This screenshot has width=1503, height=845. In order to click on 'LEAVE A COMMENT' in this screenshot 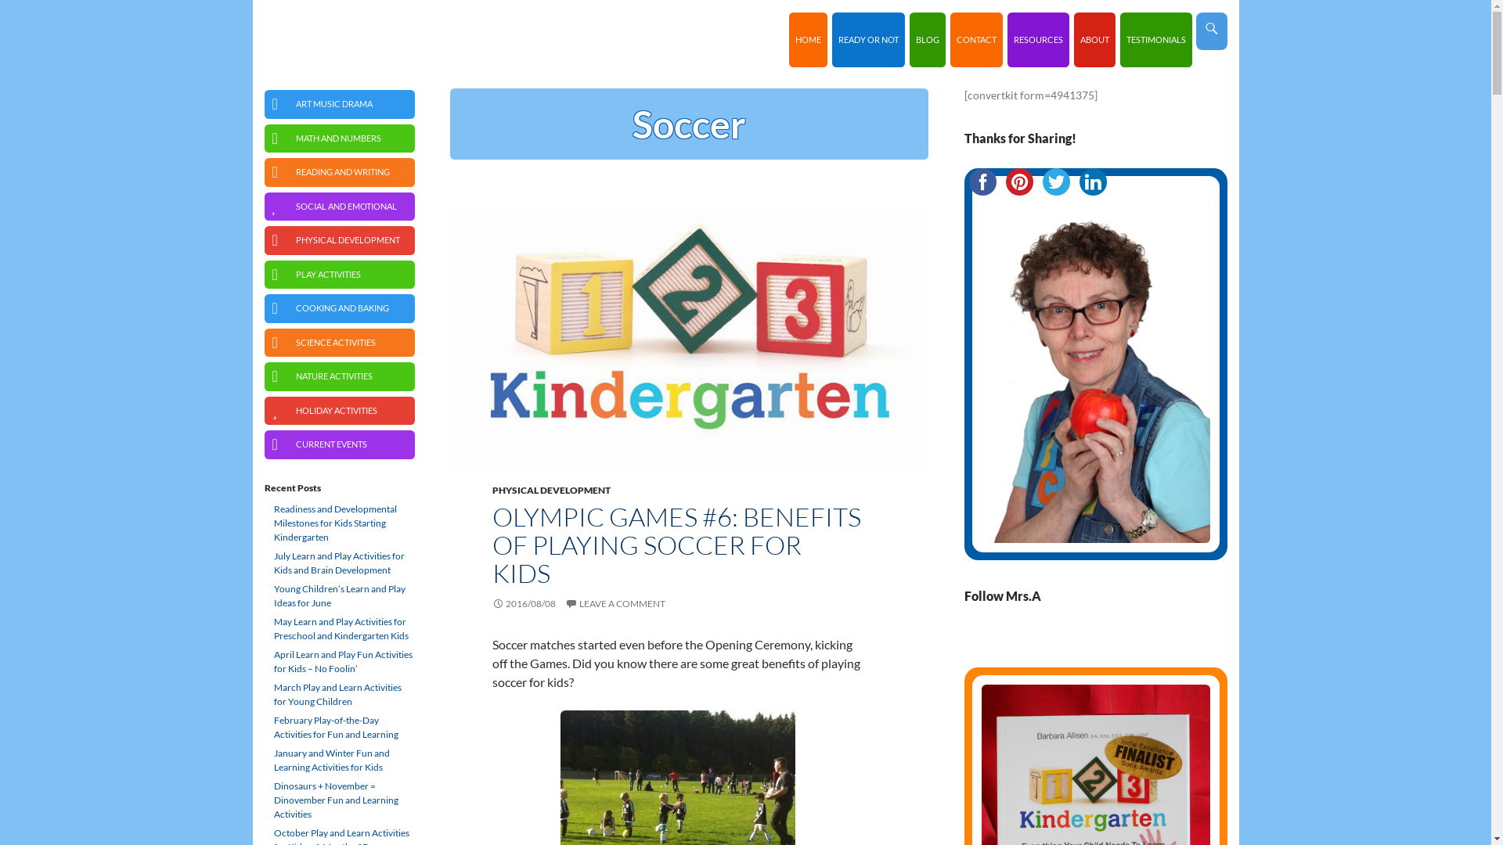, I will do `click(564, 602)`.